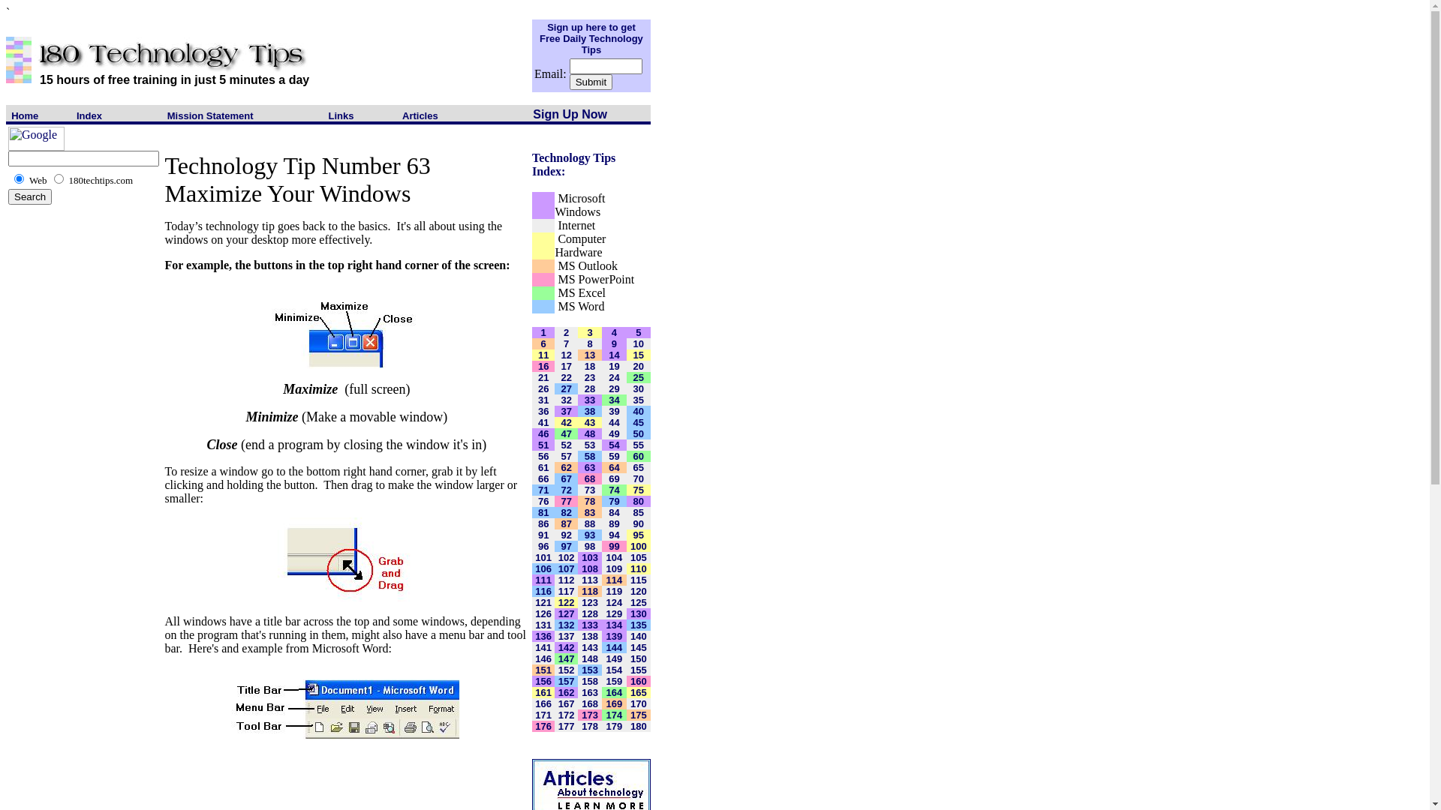 The width and height of the screenshot is (1441, 810). What do you see at coordinates (558, 668) in the screenshot?
I see `'152'` at bounding box center [558, 668].